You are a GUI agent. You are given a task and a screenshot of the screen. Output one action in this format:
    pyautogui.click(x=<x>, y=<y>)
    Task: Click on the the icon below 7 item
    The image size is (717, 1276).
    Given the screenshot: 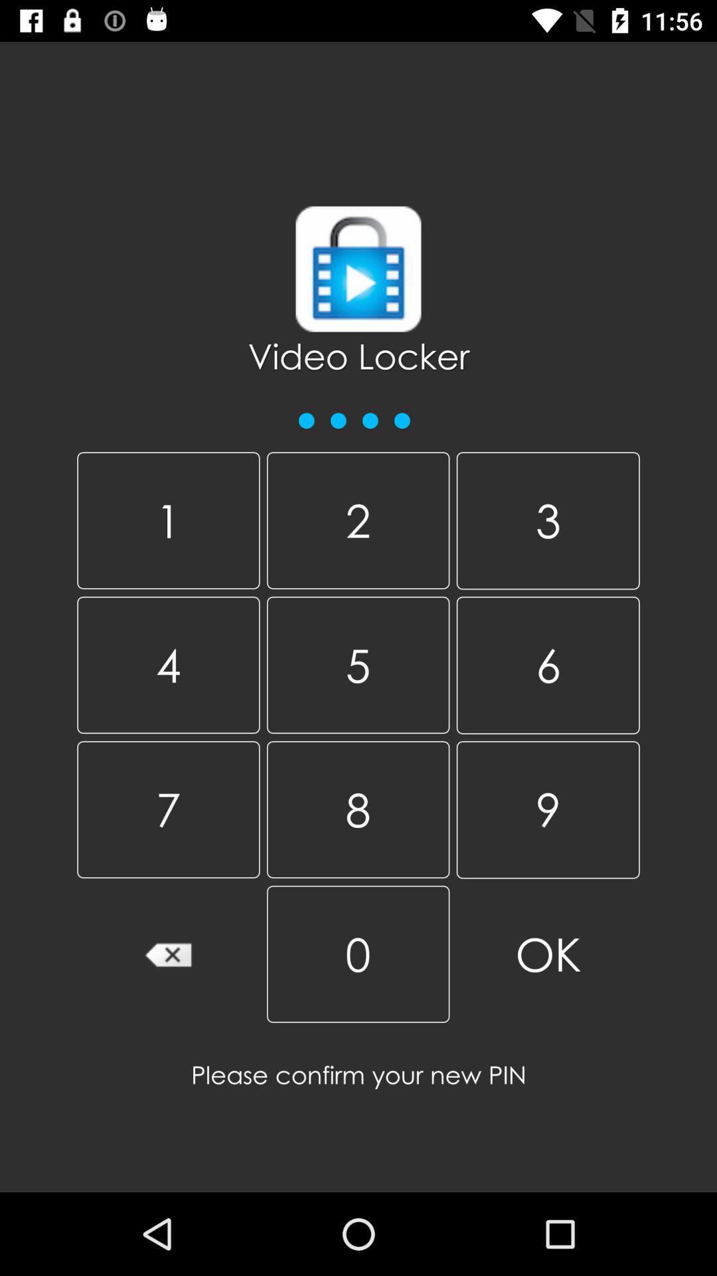 What is the action you would take?
    pyautogui.click(x=167, y=953)
    